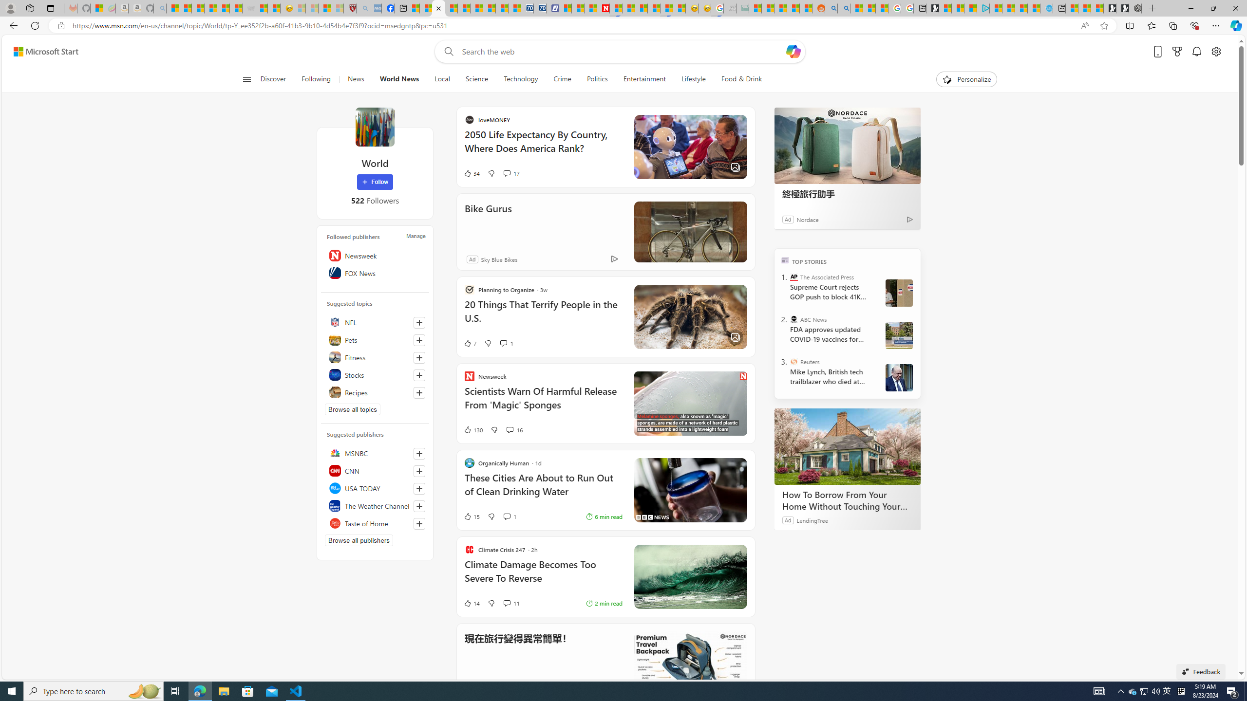 This screenshot has height=701, width=1247. Describe the element at coordinates (375, 522) in the screenshot. I see `'Taste of Home'` at that location.